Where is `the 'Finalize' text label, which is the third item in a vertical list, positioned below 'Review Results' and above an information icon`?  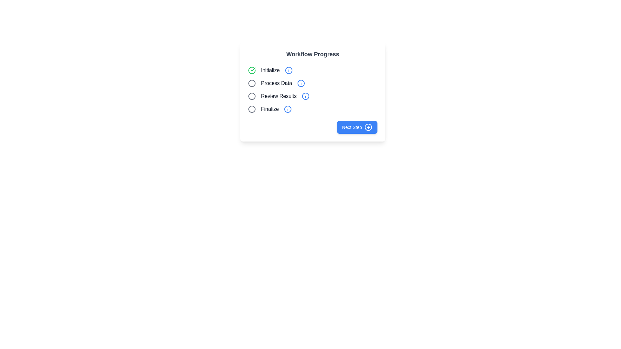
the 'Finalize' text label, which is the third item in a vertical list, positioned below 'Review Results' and above an information icon is located at coordinates (270, 109).